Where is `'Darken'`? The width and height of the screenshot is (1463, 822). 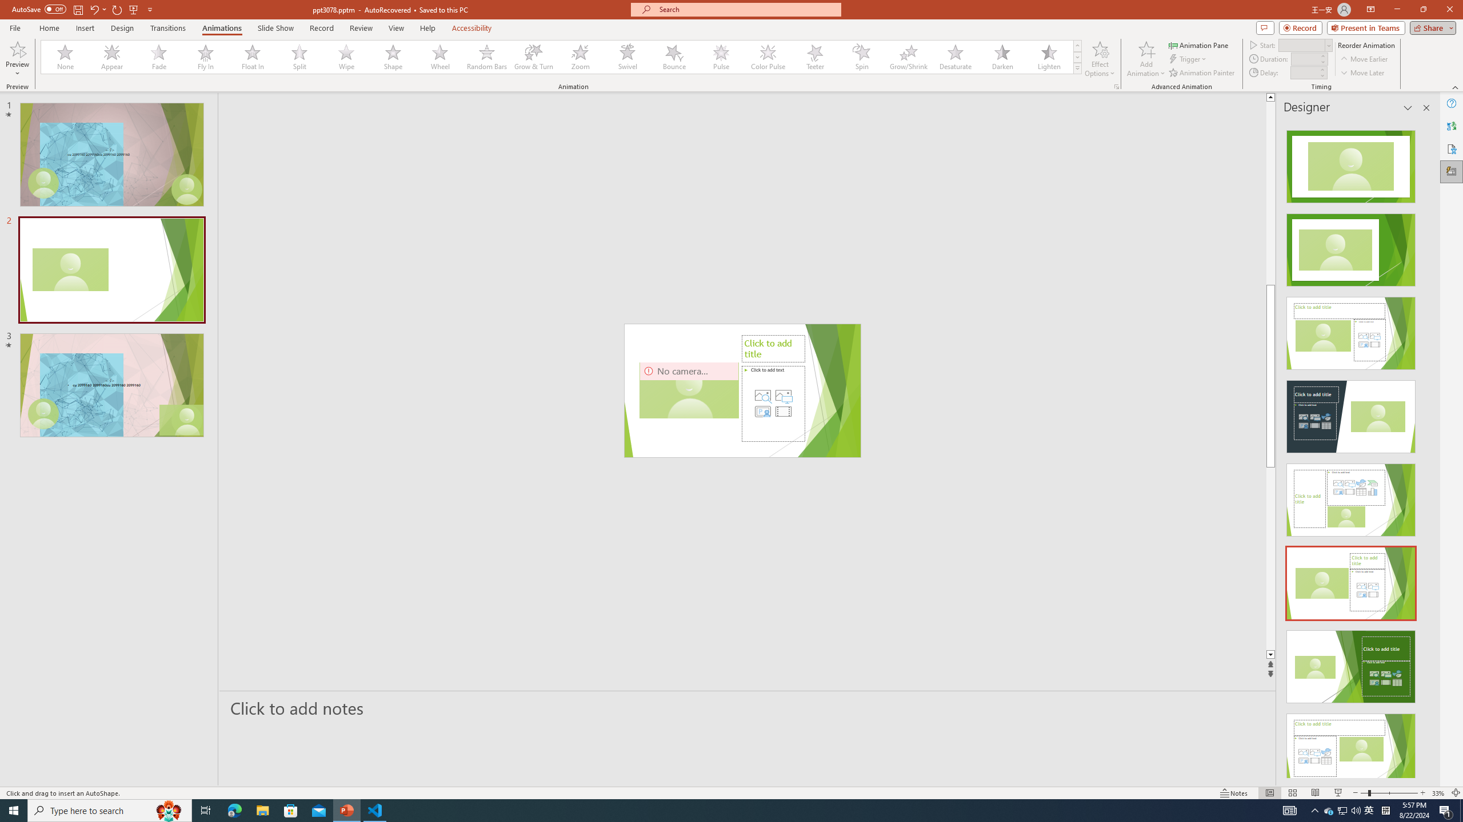 'Darken' is located at coordinates (1001, 57).